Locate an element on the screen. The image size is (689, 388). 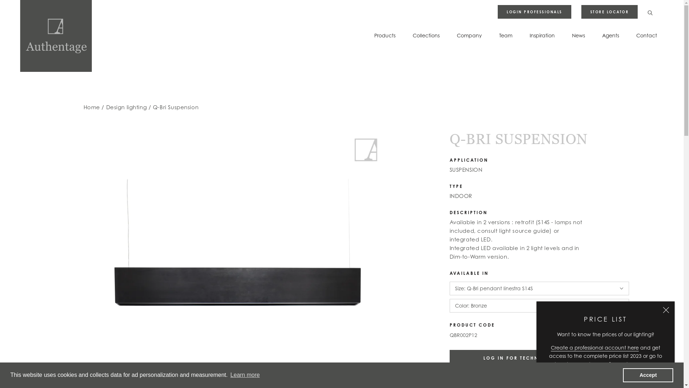
'Accept' is located at coordinates (648, 375).